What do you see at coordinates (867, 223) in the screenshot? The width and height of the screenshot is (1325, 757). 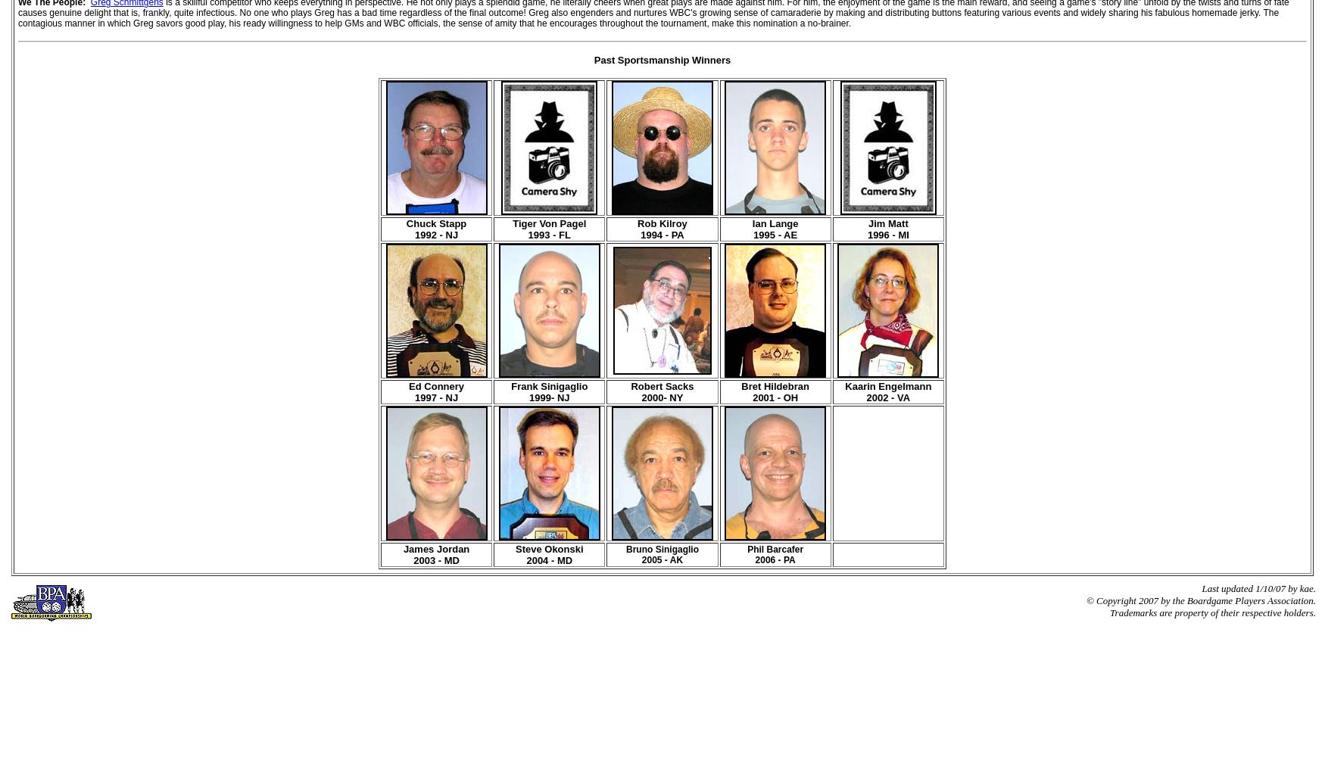 I see `'Jim Matt'` at bounding box center [867, 223].